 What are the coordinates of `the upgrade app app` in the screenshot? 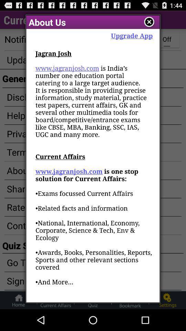 It's located at (132, 36).